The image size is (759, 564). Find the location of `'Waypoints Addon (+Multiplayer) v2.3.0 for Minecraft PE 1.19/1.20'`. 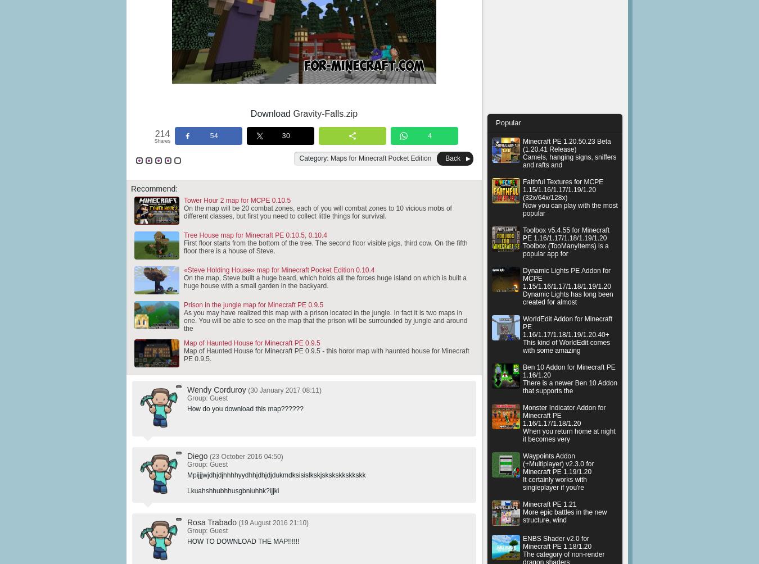

'Waypoints Addon (+Multiplayer) v2.3.0 for Minecraft PE 1.19/1.20' is located at coordinates (558, 463).